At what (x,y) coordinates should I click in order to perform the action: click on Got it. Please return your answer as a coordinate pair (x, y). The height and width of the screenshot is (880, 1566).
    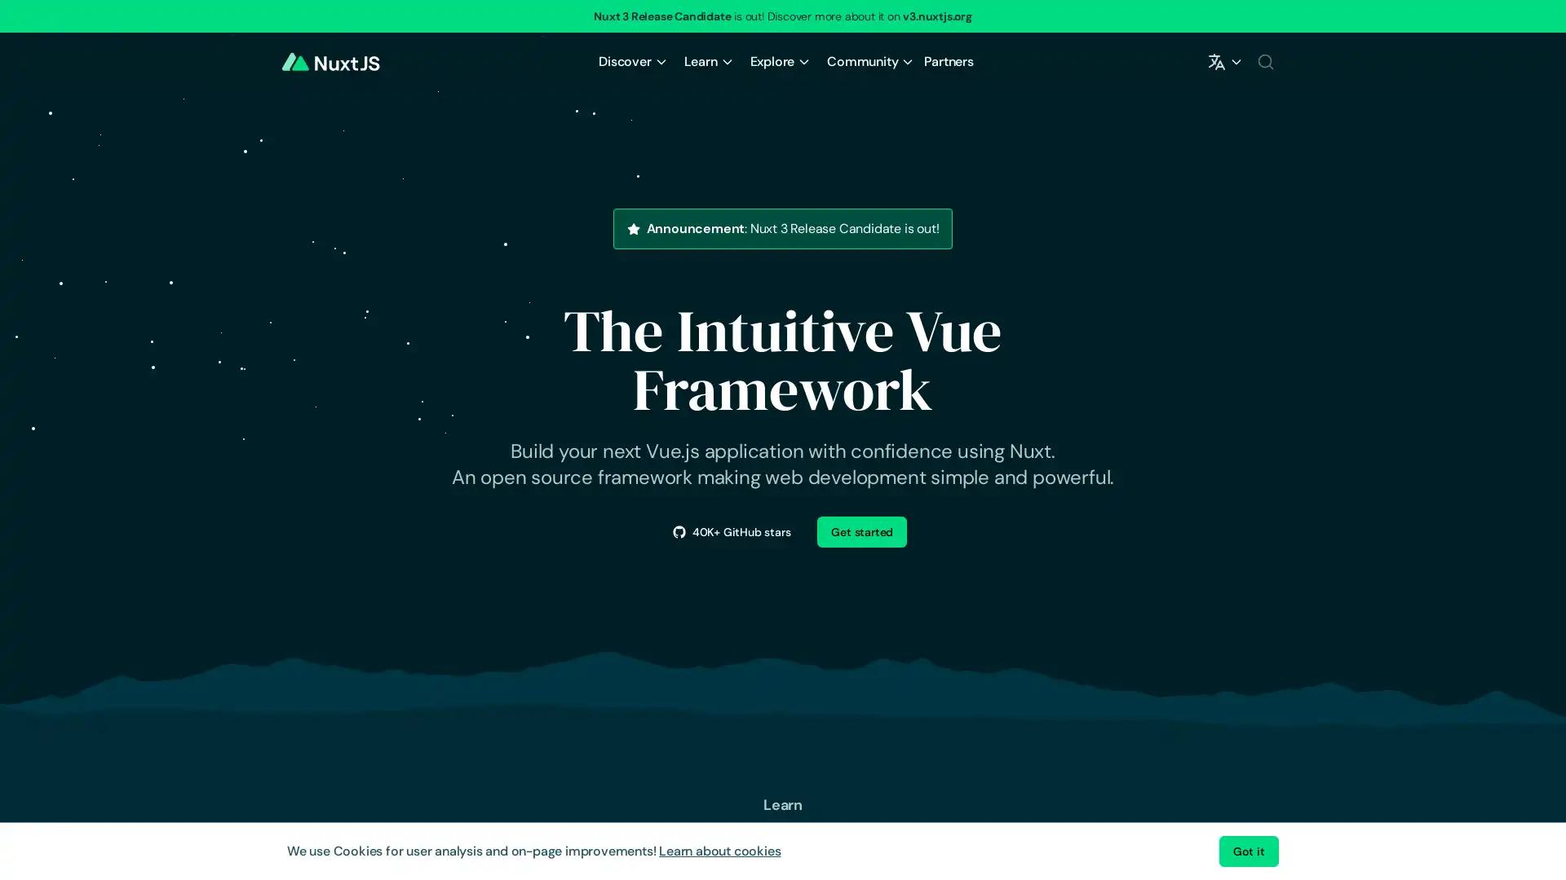
    Looking at the image, I should click on (1248, 851).